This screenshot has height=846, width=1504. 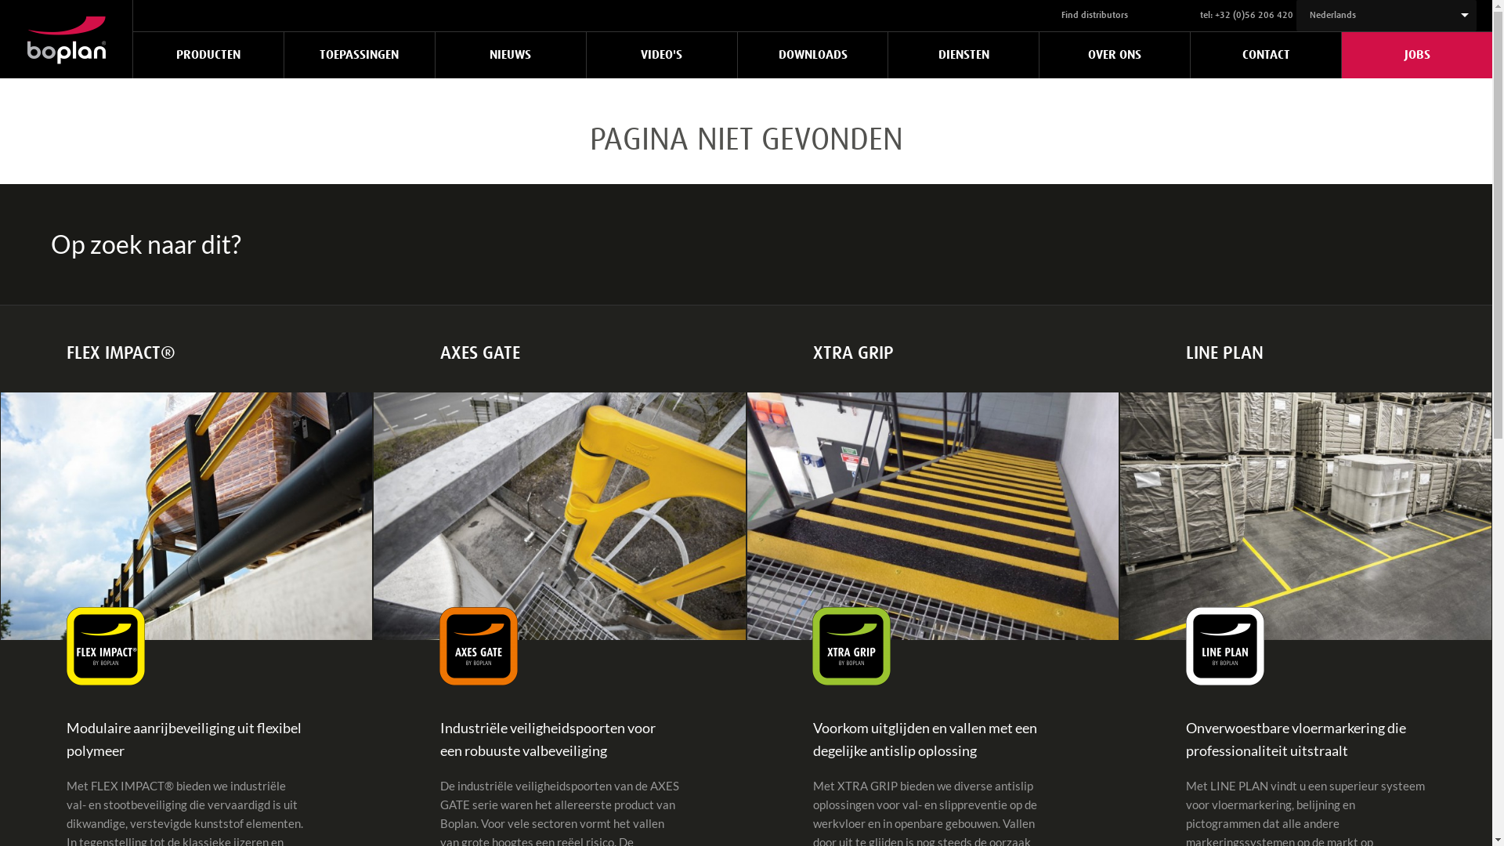 What do you see at coordinates (66, 646) in the screenshot?
I see `'Flex Impact logo by Boplan'` at bounding box center [66, 646].